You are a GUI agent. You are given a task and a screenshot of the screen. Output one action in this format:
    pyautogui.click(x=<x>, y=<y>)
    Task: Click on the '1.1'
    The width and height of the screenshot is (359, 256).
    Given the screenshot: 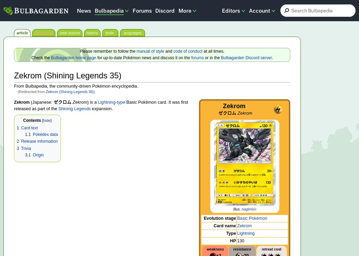 What is the action you would take?
    pyautogui.click(x=27, y=134)
    